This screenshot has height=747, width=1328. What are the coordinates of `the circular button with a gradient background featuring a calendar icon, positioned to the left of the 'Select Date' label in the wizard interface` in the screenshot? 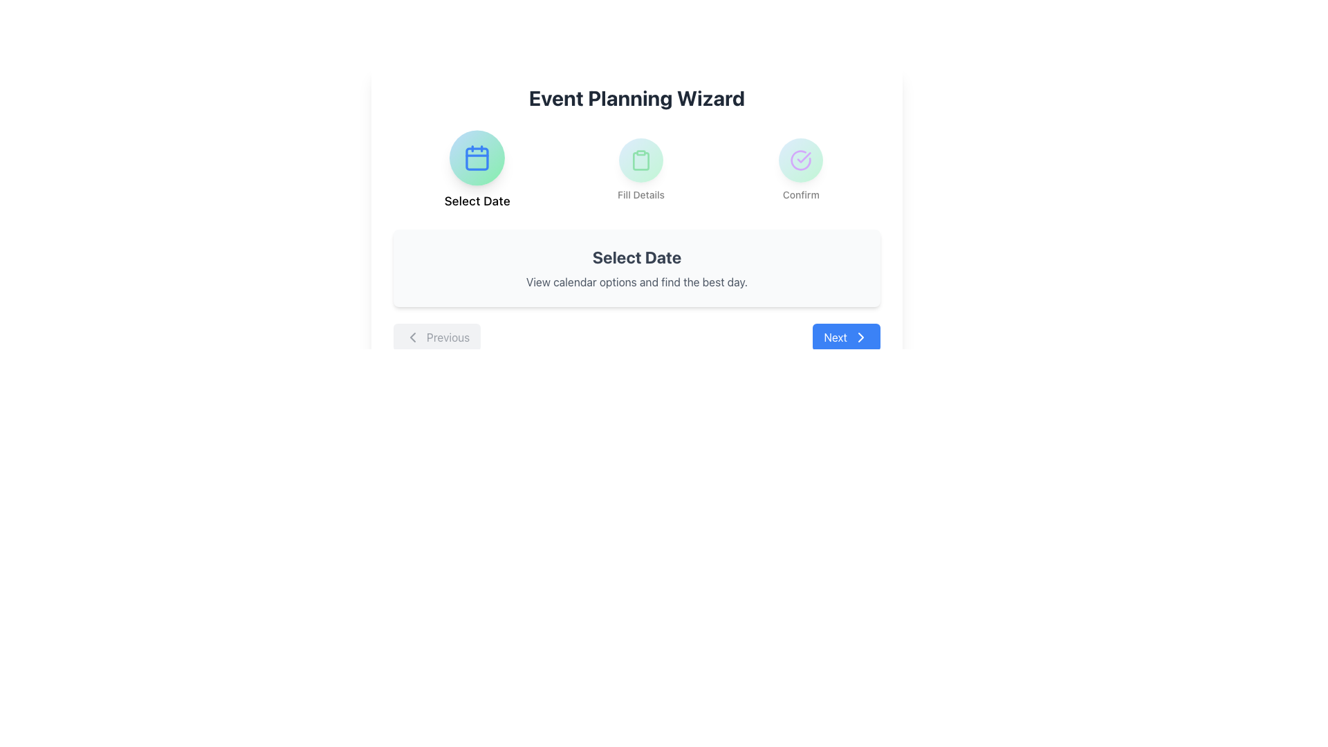 It's located at (477, 157).